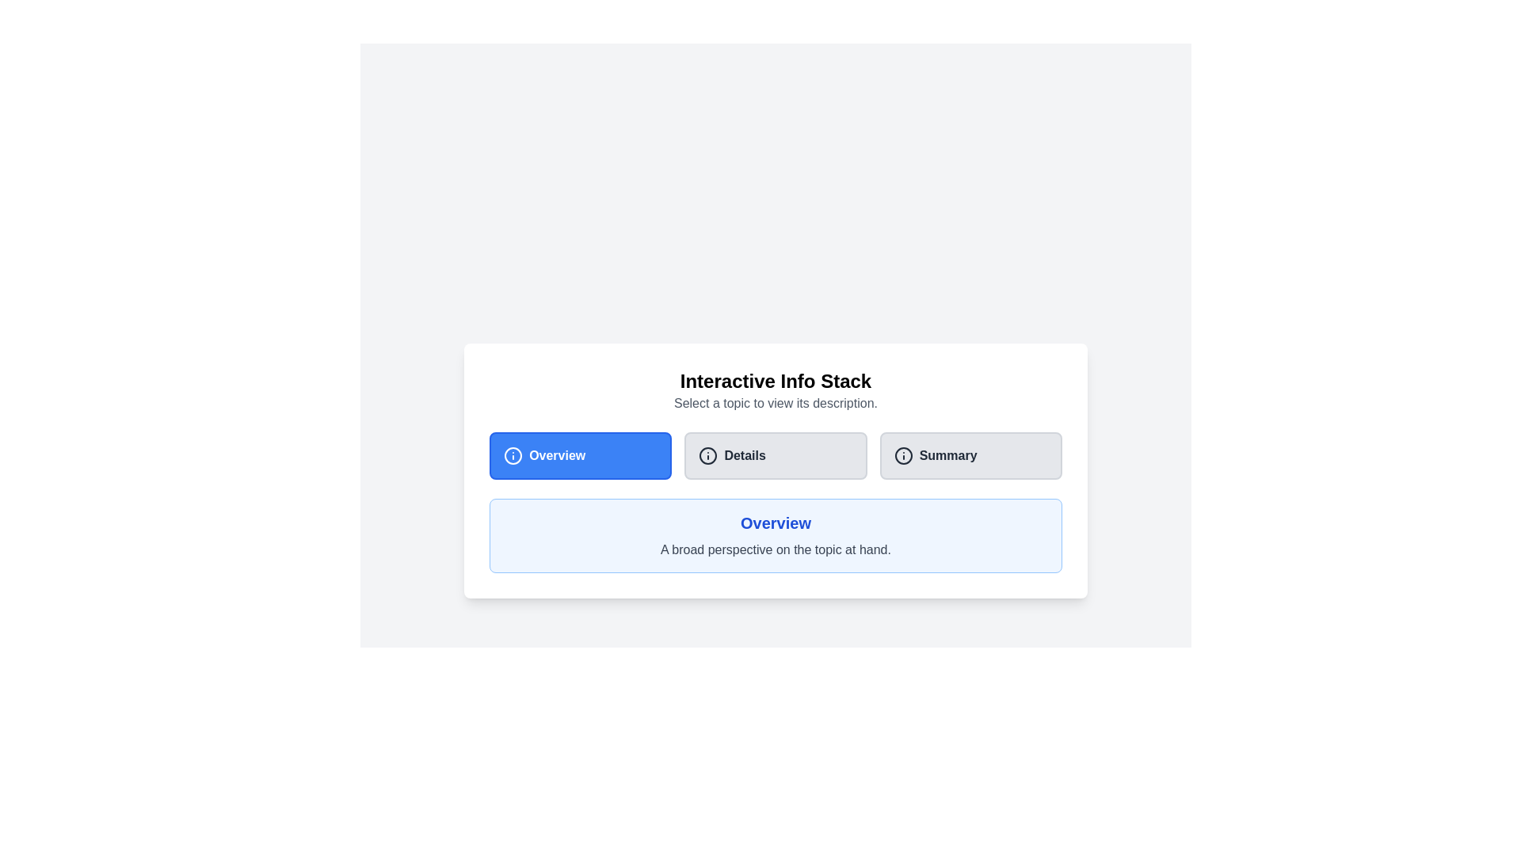 The height and width of the screenshot is (855, 1521). Describe the element at coordinates (707, 455) in the screenshot. I see `the SVG circle element that is part of the 'Details' button, which features an information symbol and is located between the 'Overview' and 'Summary' buttons` at that location.